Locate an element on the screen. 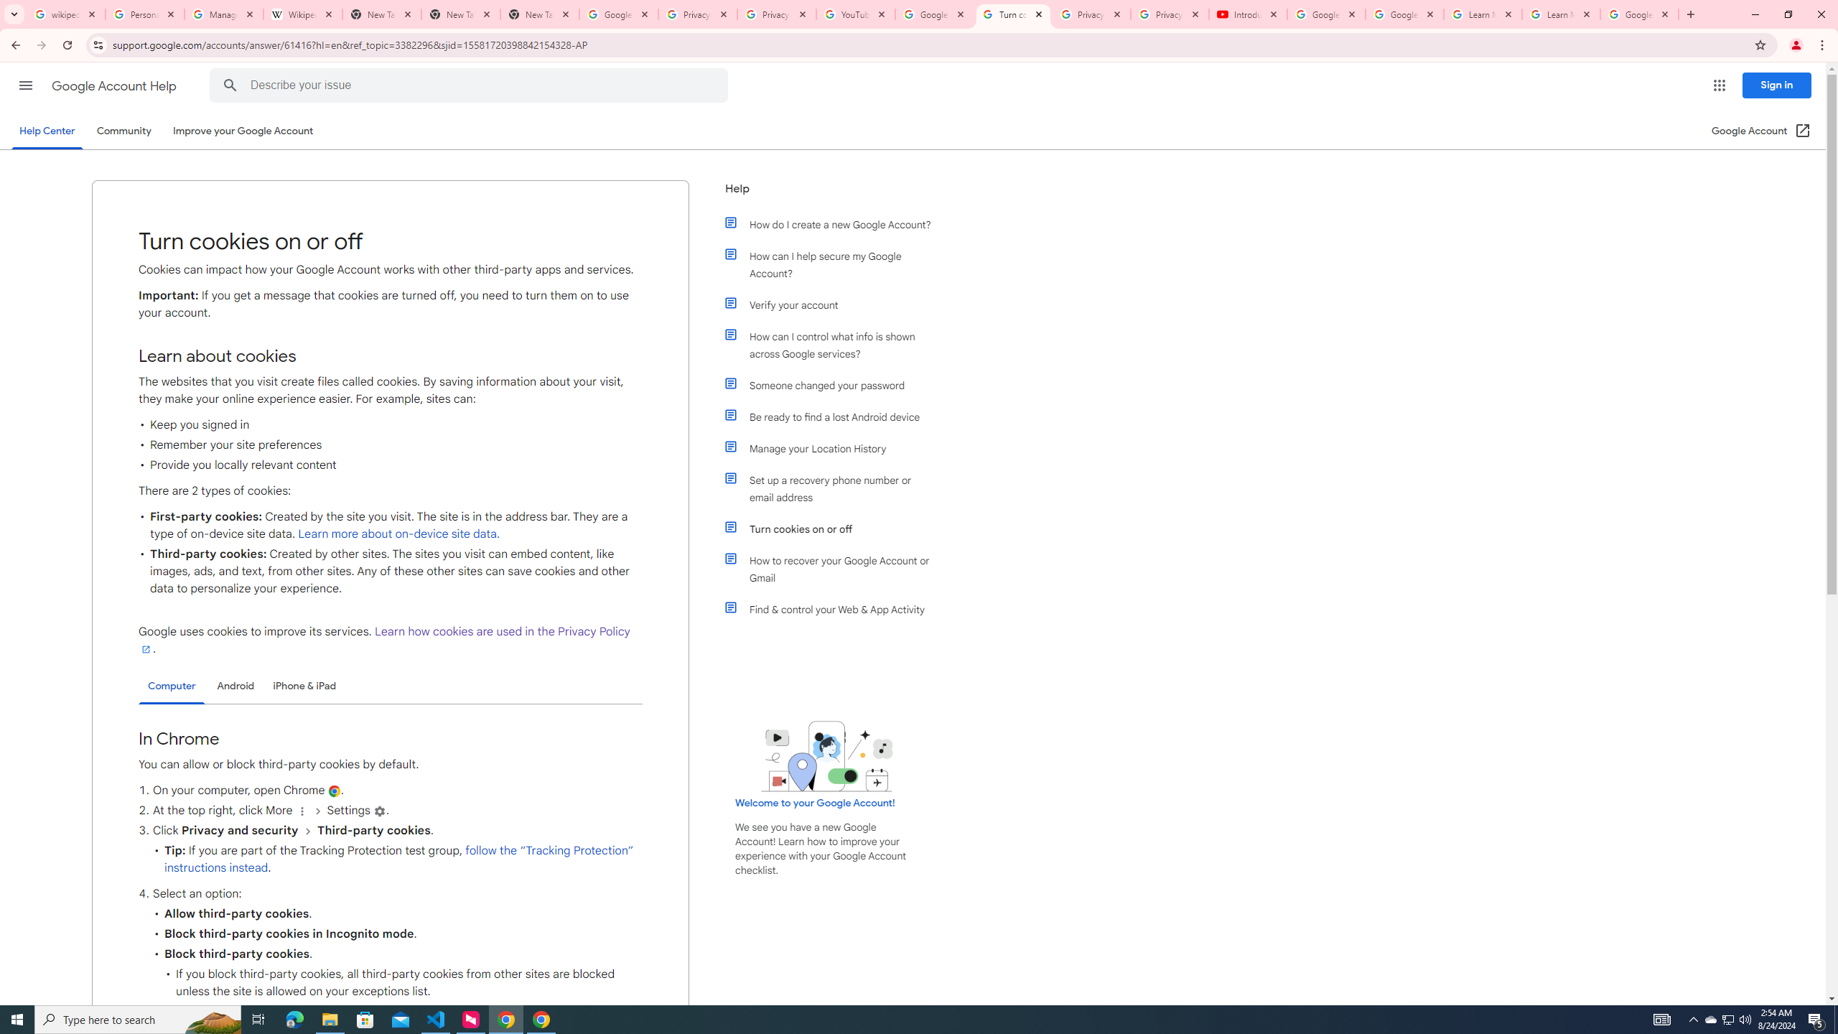  'Personalization & Google Search results - Google Search Help' is located at coordinates (144, 14).